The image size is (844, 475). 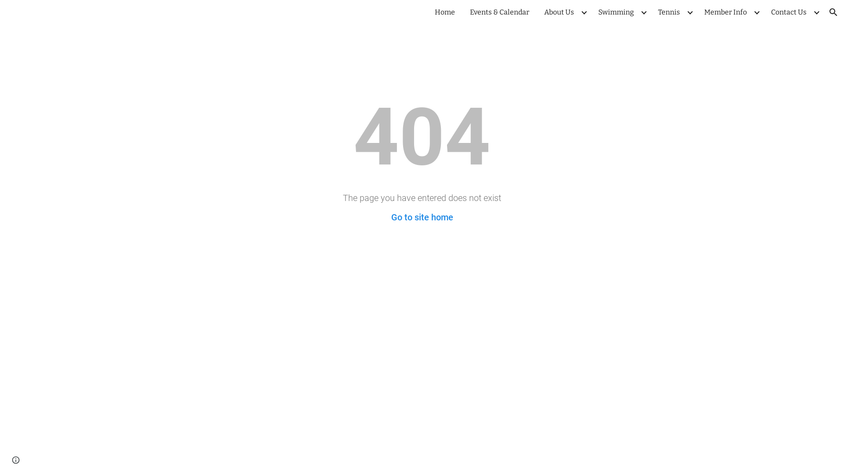 What do you see at coordinates (559, 12) in the screenshot?
I see `'About Us'` at bounding box center [559, 12].